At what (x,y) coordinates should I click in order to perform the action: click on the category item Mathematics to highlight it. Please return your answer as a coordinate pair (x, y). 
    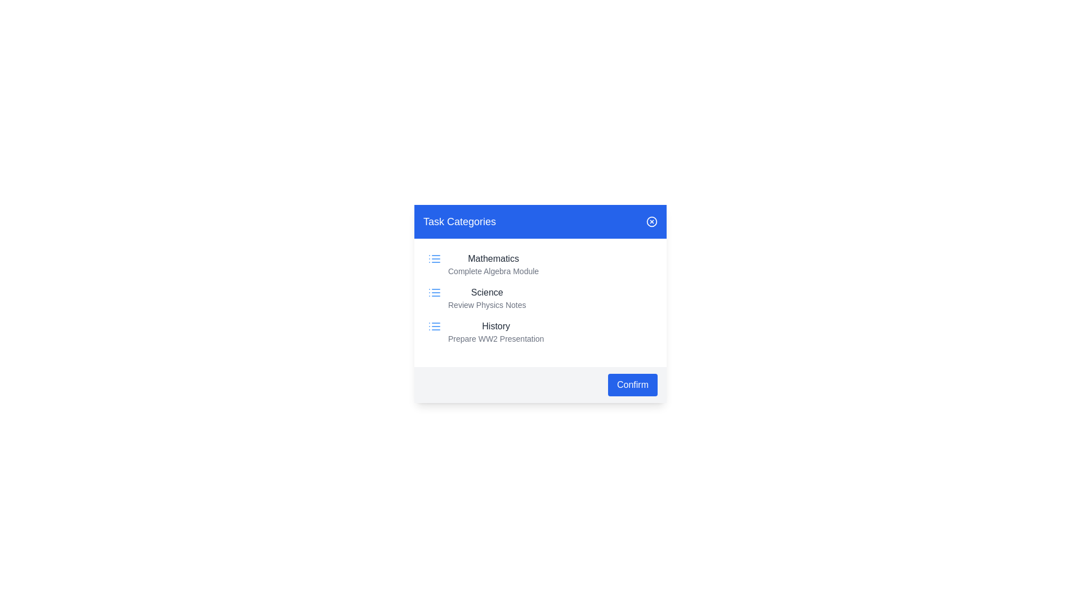
    Looking at the image, I should click on (540, 265).